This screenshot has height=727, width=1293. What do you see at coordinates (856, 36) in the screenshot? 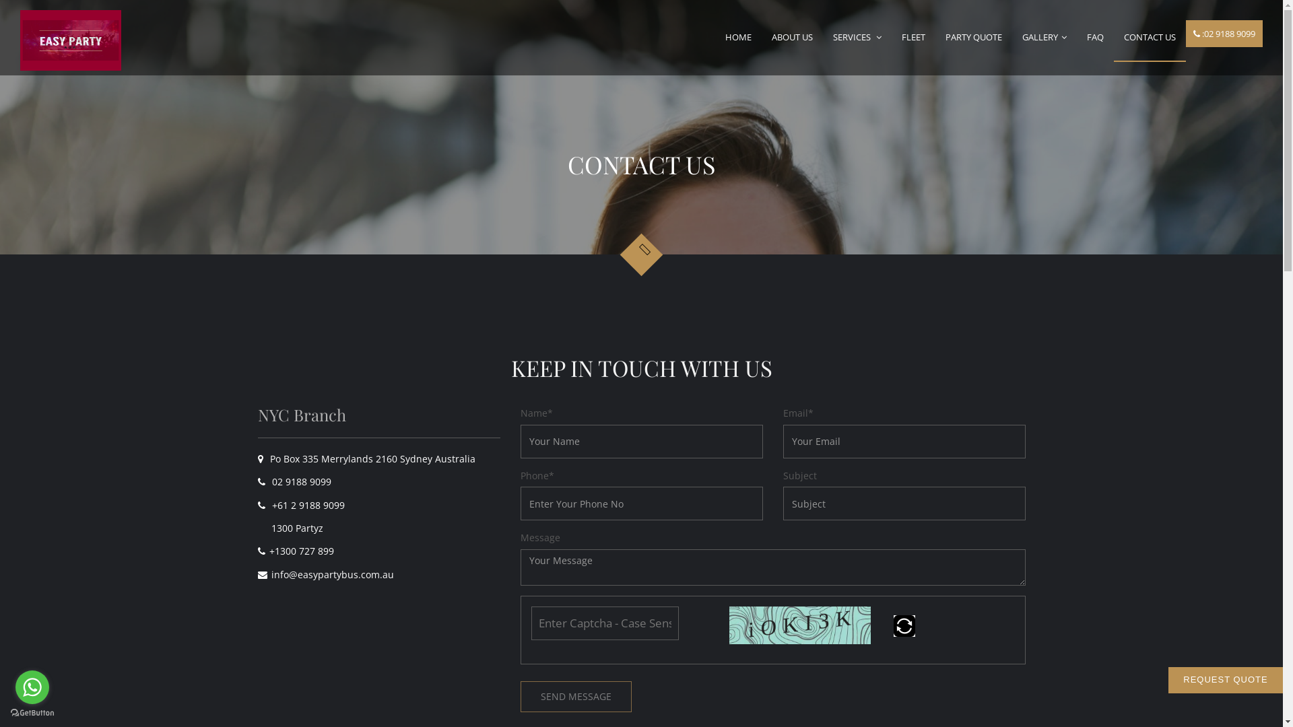
I see `'SERVICES'` at bounding box center [856, 36].